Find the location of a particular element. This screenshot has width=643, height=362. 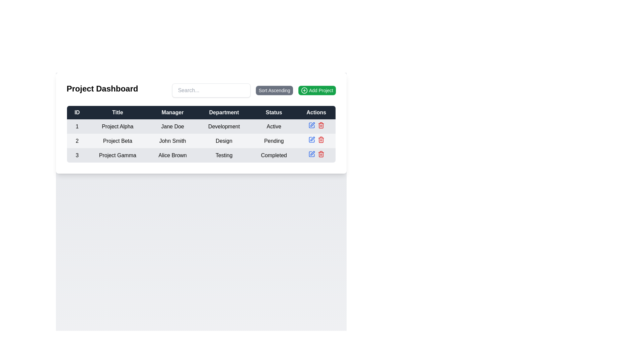

the icon representing the action of adding a new project, which is located to the left of the 'Add Project' button's text label is located at coordinates (304, 90).